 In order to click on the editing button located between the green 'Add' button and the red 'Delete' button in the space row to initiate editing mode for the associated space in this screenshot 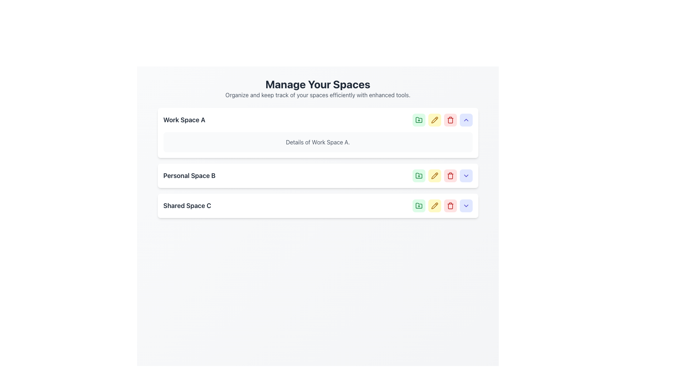, I will do `click(434, 176)`.